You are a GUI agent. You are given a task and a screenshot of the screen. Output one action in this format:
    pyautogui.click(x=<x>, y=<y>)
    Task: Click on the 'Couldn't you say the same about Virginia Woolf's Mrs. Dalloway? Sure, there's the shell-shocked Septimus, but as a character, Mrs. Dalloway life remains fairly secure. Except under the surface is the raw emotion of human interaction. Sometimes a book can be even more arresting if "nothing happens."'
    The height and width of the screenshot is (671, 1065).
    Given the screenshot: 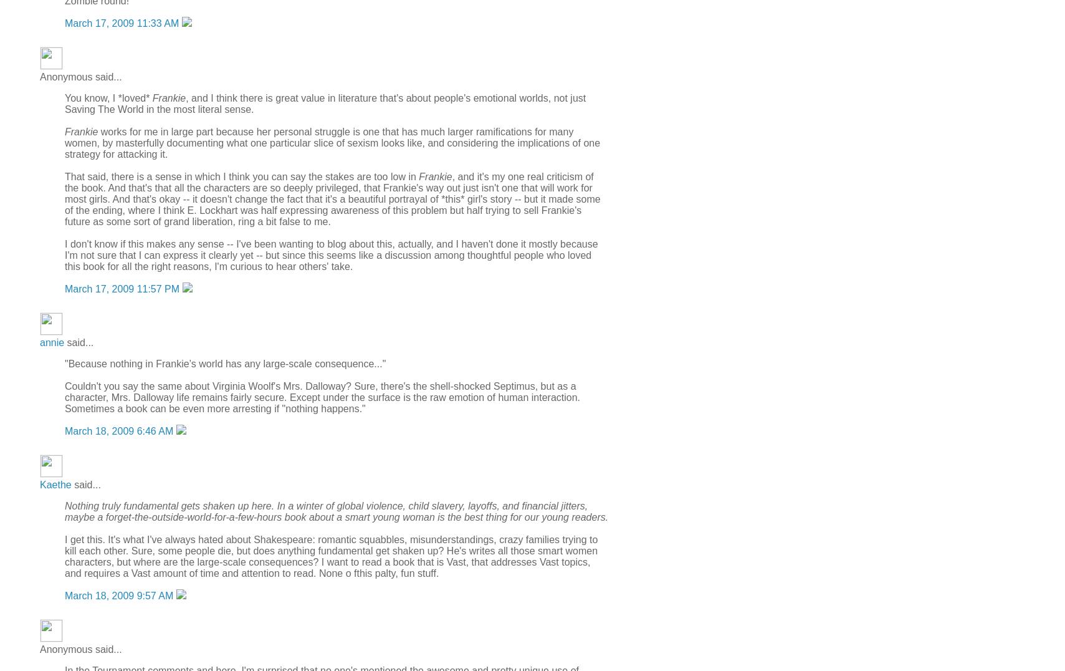 What is the action you would take?
    pyautogui.click(x=322, y=396)
    